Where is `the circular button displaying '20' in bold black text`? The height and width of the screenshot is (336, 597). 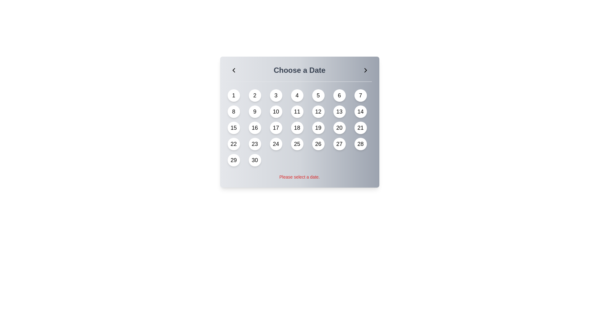
the circular button displaying '20' in bold black text is located at coordinates (339, 128).